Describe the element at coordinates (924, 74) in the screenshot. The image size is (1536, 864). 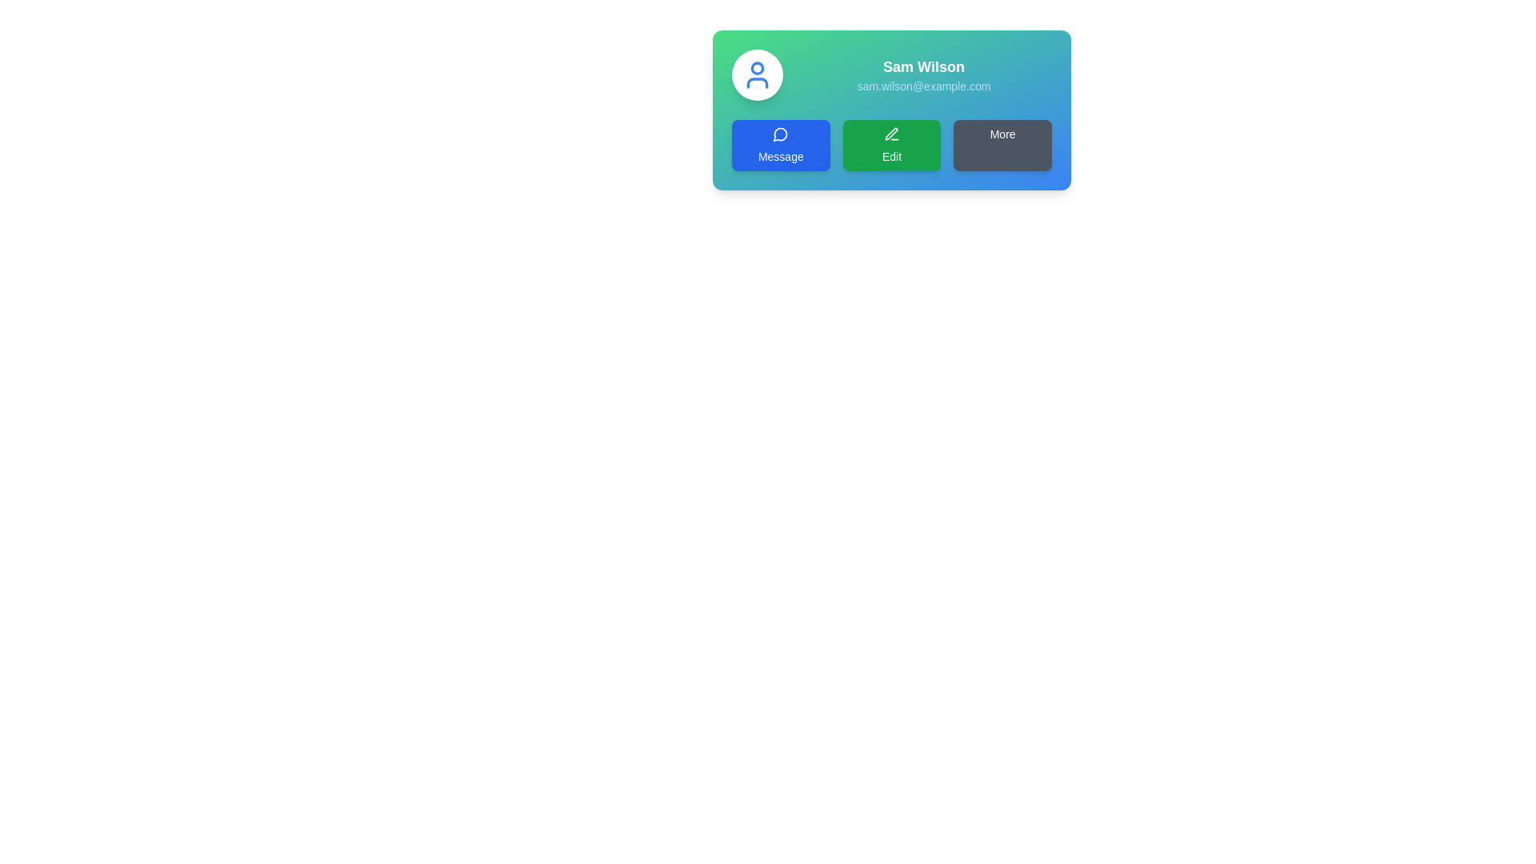
I see `displayed text in the Text Display Section featuring 'Sam Wilson' and 'sam.wilson@example.com', which is centrally positioned above the buttons and to the right of a circular icon` at that location.